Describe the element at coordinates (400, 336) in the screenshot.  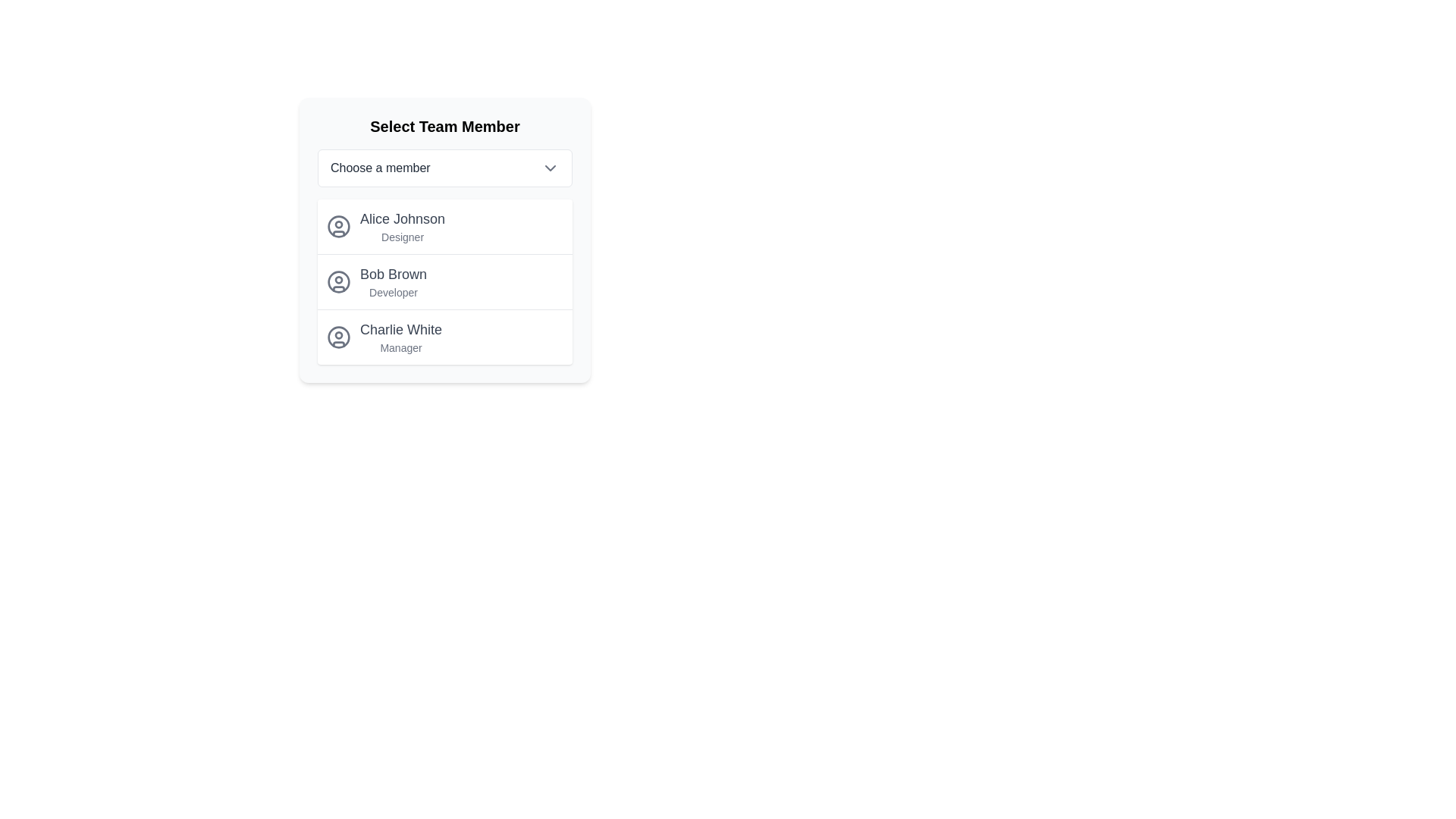
I see `the list entry displaying 'Charlie White' as the third item in the 'Select Team Member' panel` at that location.